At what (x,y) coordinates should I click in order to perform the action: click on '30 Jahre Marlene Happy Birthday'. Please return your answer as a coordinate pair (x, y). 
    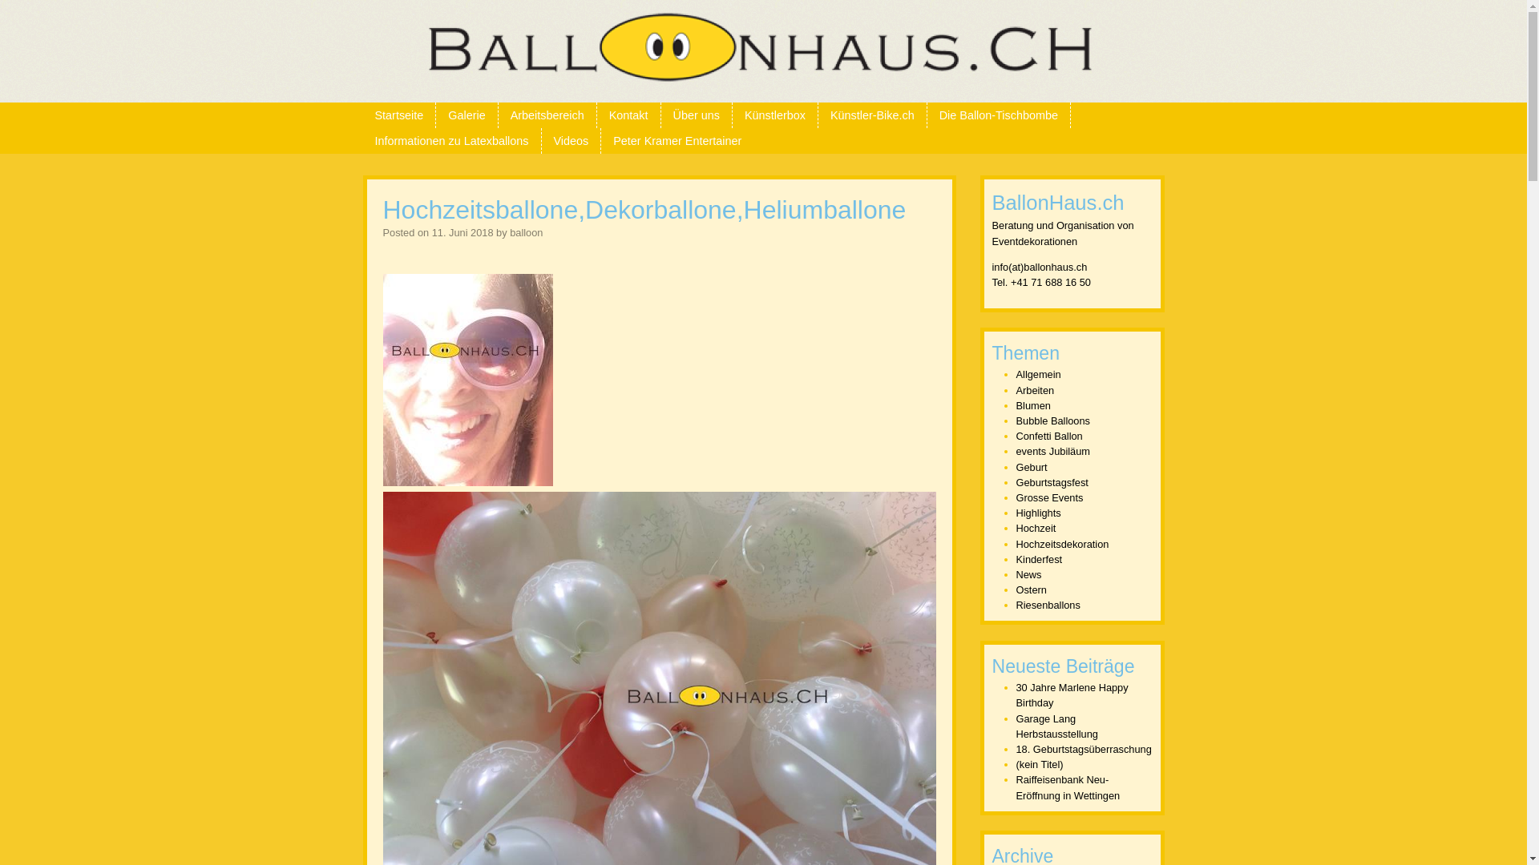
    Looking at the image, I should click on (1072, 694).